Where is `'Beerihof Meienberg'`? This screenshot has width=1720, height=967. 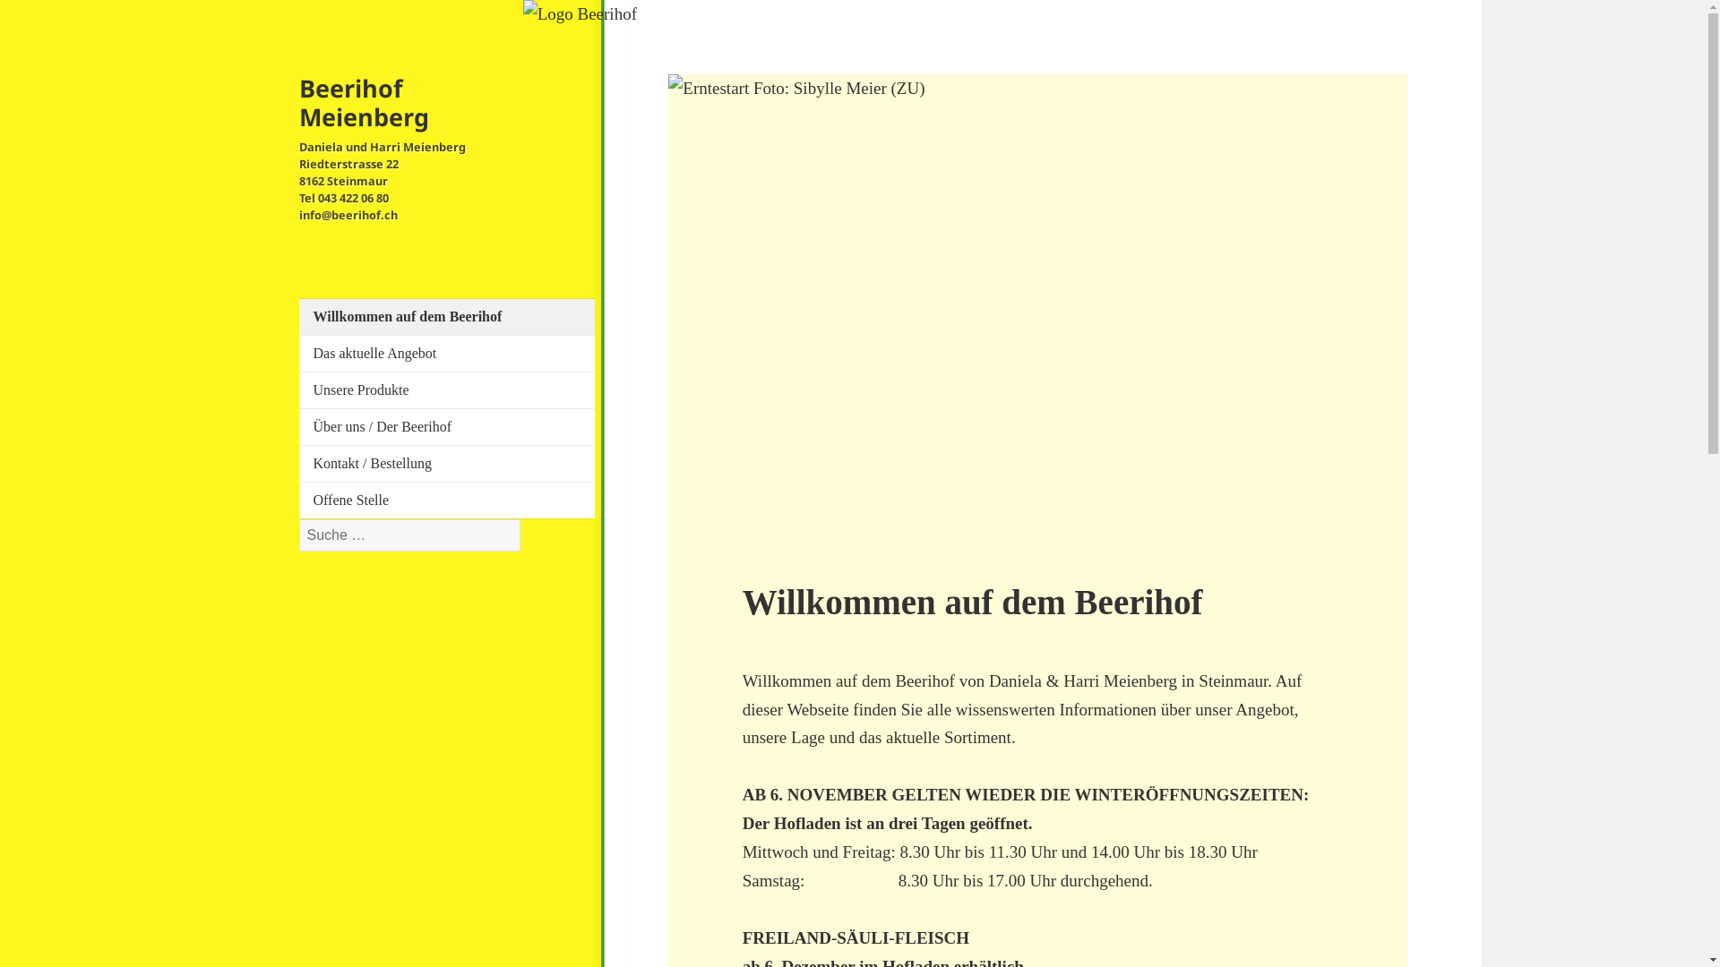 'Beerihof Meienberg' is located at coordinates (299, 102).